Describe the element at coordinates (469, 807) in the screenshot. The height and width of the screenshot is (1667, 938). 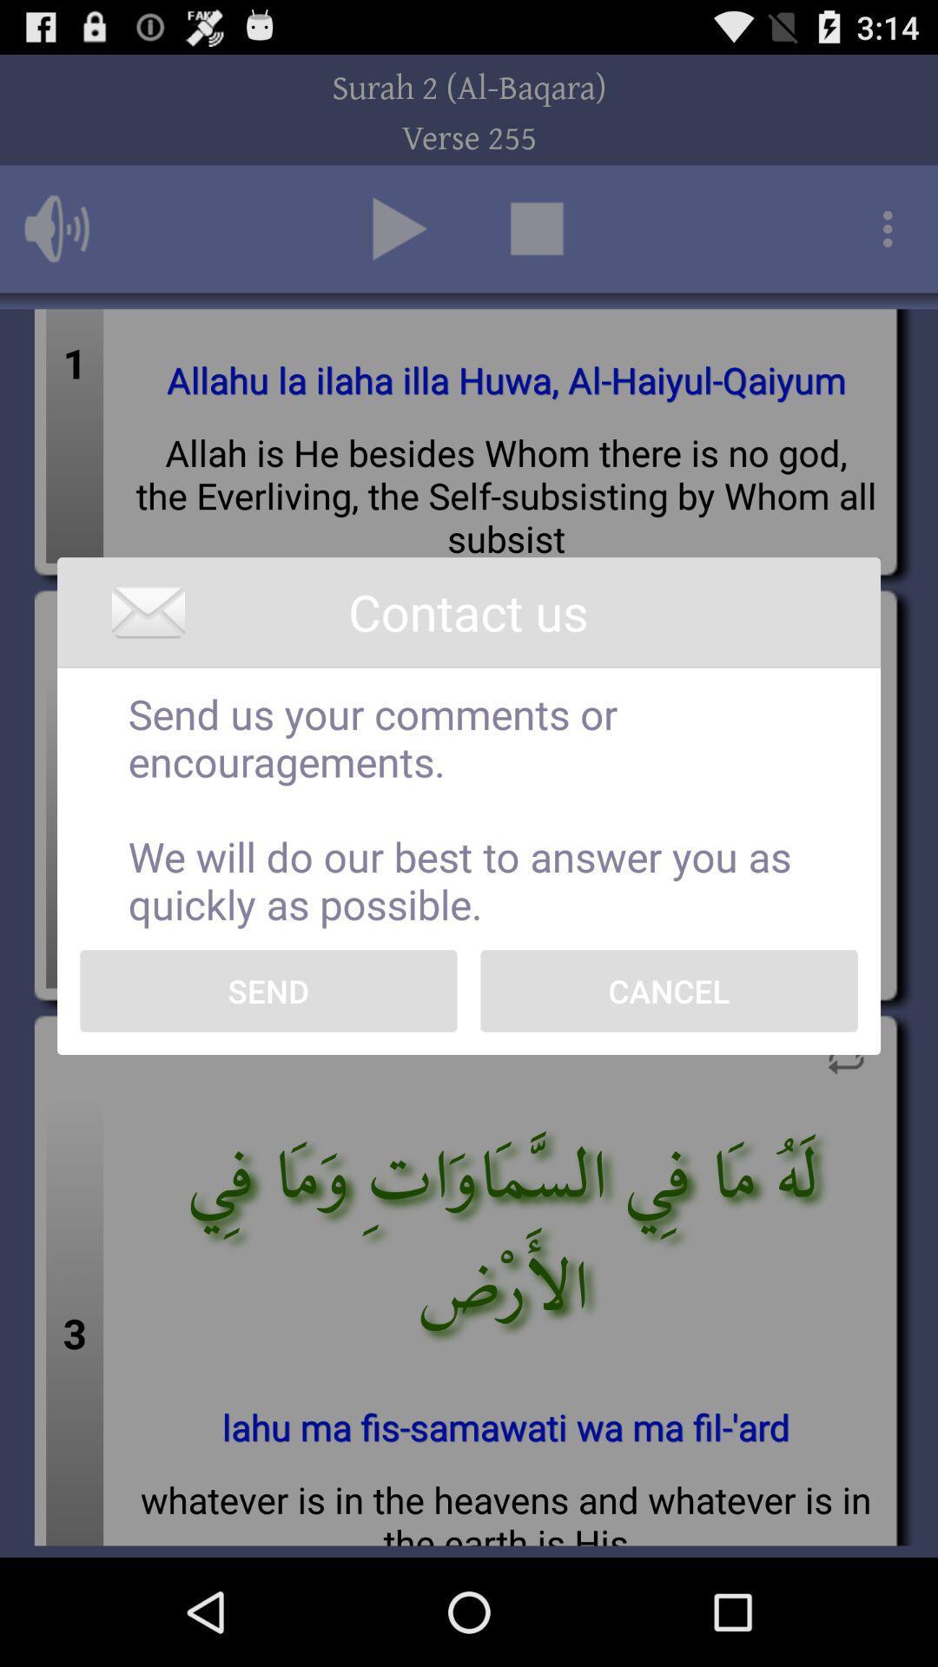
I see `item above send item` at that location.